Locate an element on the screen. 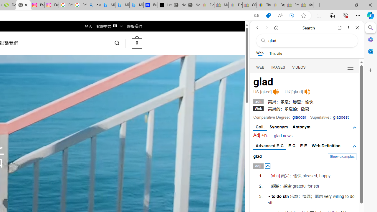  'Threats and offensive language policy | eBay' is located at coordinates (263, 5).